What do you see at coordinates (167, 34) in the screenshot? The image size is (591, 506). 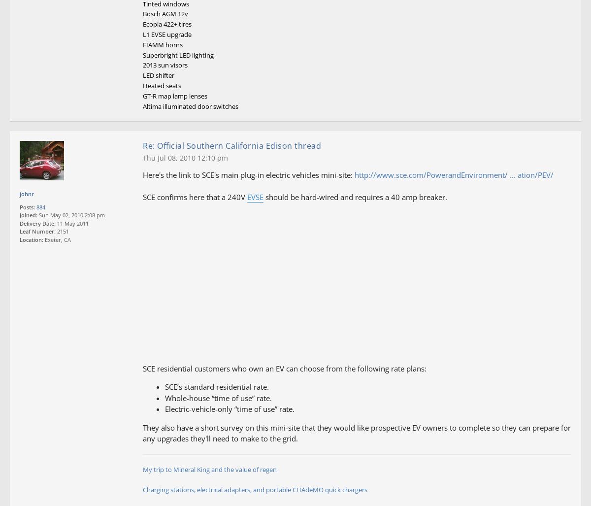 I see `'L1 EVSE upgrade'` at bounding box center [167, 34].